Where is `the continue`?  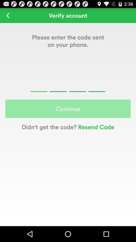
the continue is located at coordinates (68, 109).